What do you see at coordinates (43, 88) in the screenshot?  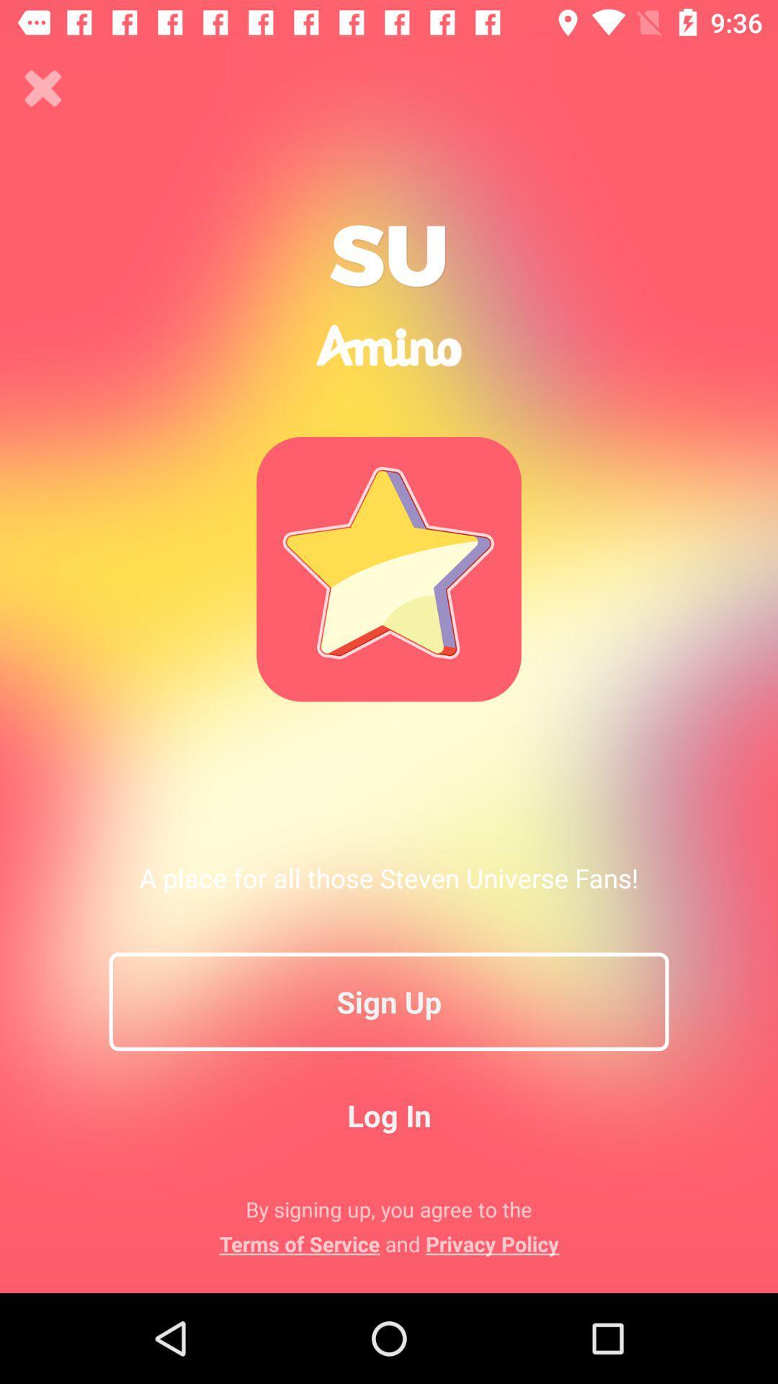 I see `screen closing button` at bounding box center [43, 88].